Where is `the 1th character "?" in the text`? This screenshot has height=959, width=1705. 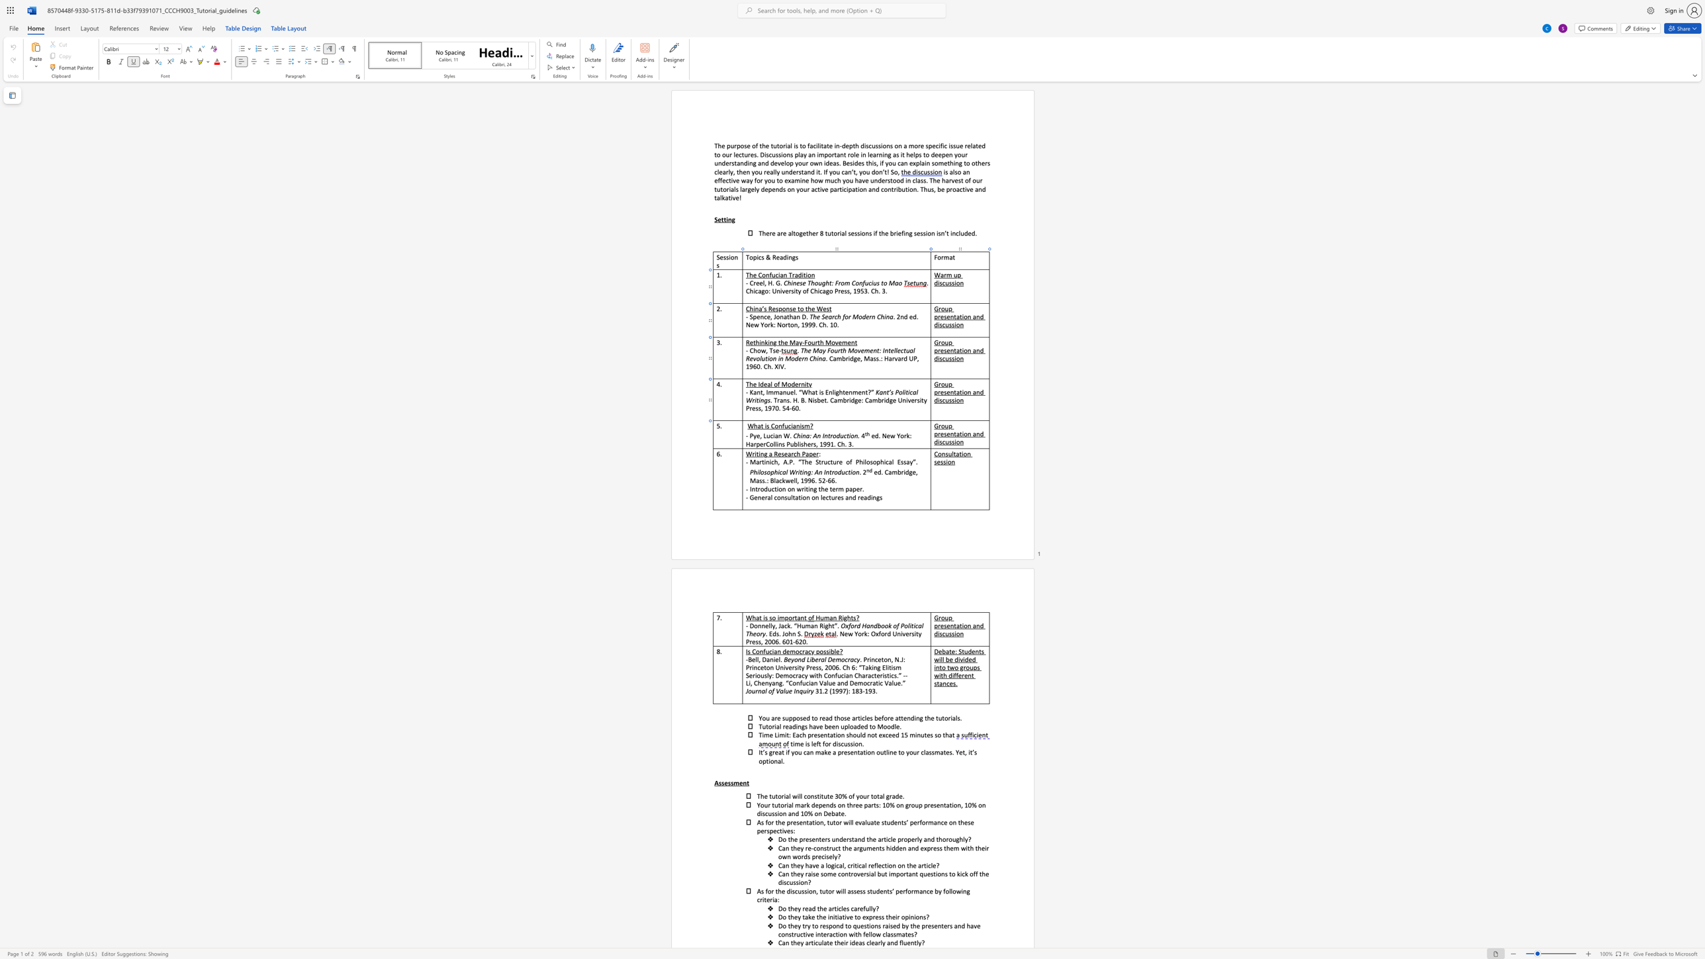
the 1th character "?" in the text is located at coordinates (811, 426).